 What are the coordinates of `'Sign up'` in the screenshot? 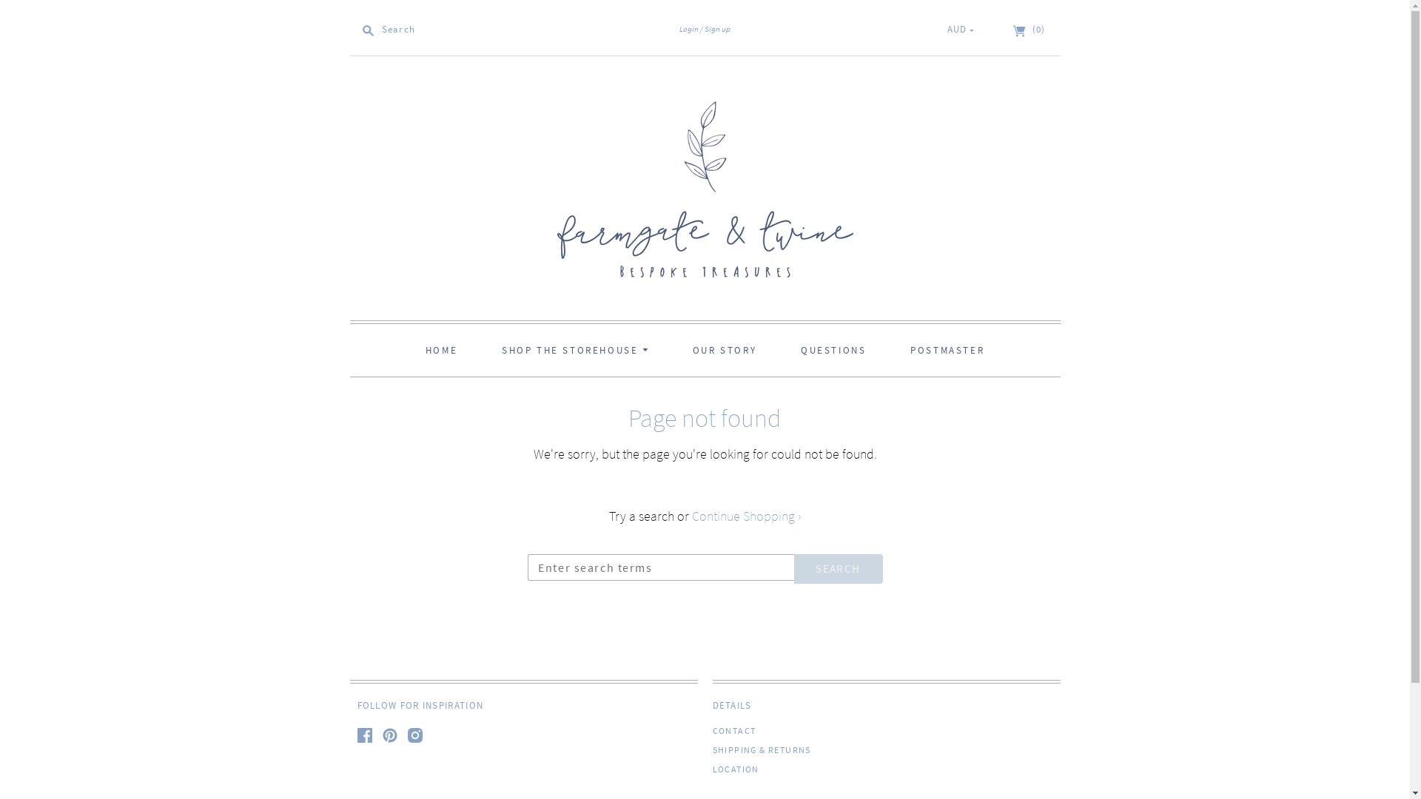 It's located at (699, 28).